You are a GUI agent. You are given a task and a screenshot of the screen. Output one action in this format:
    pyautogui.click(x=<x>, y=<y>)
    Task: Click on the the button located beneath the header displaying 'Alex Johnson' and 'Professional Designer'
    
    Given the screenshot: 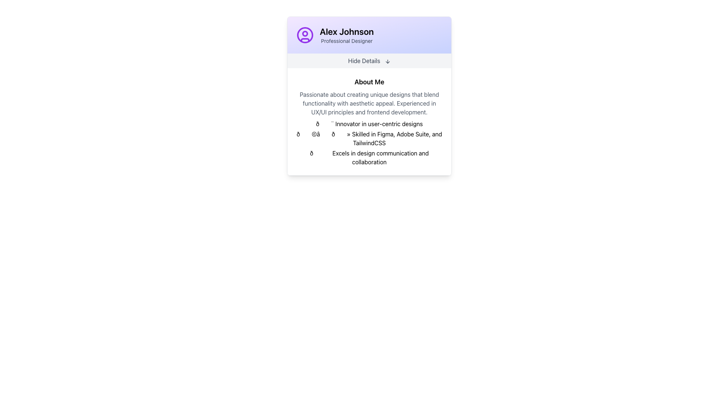 What is the action you would take?
    pyautogui.click(x=369, y=60)
    